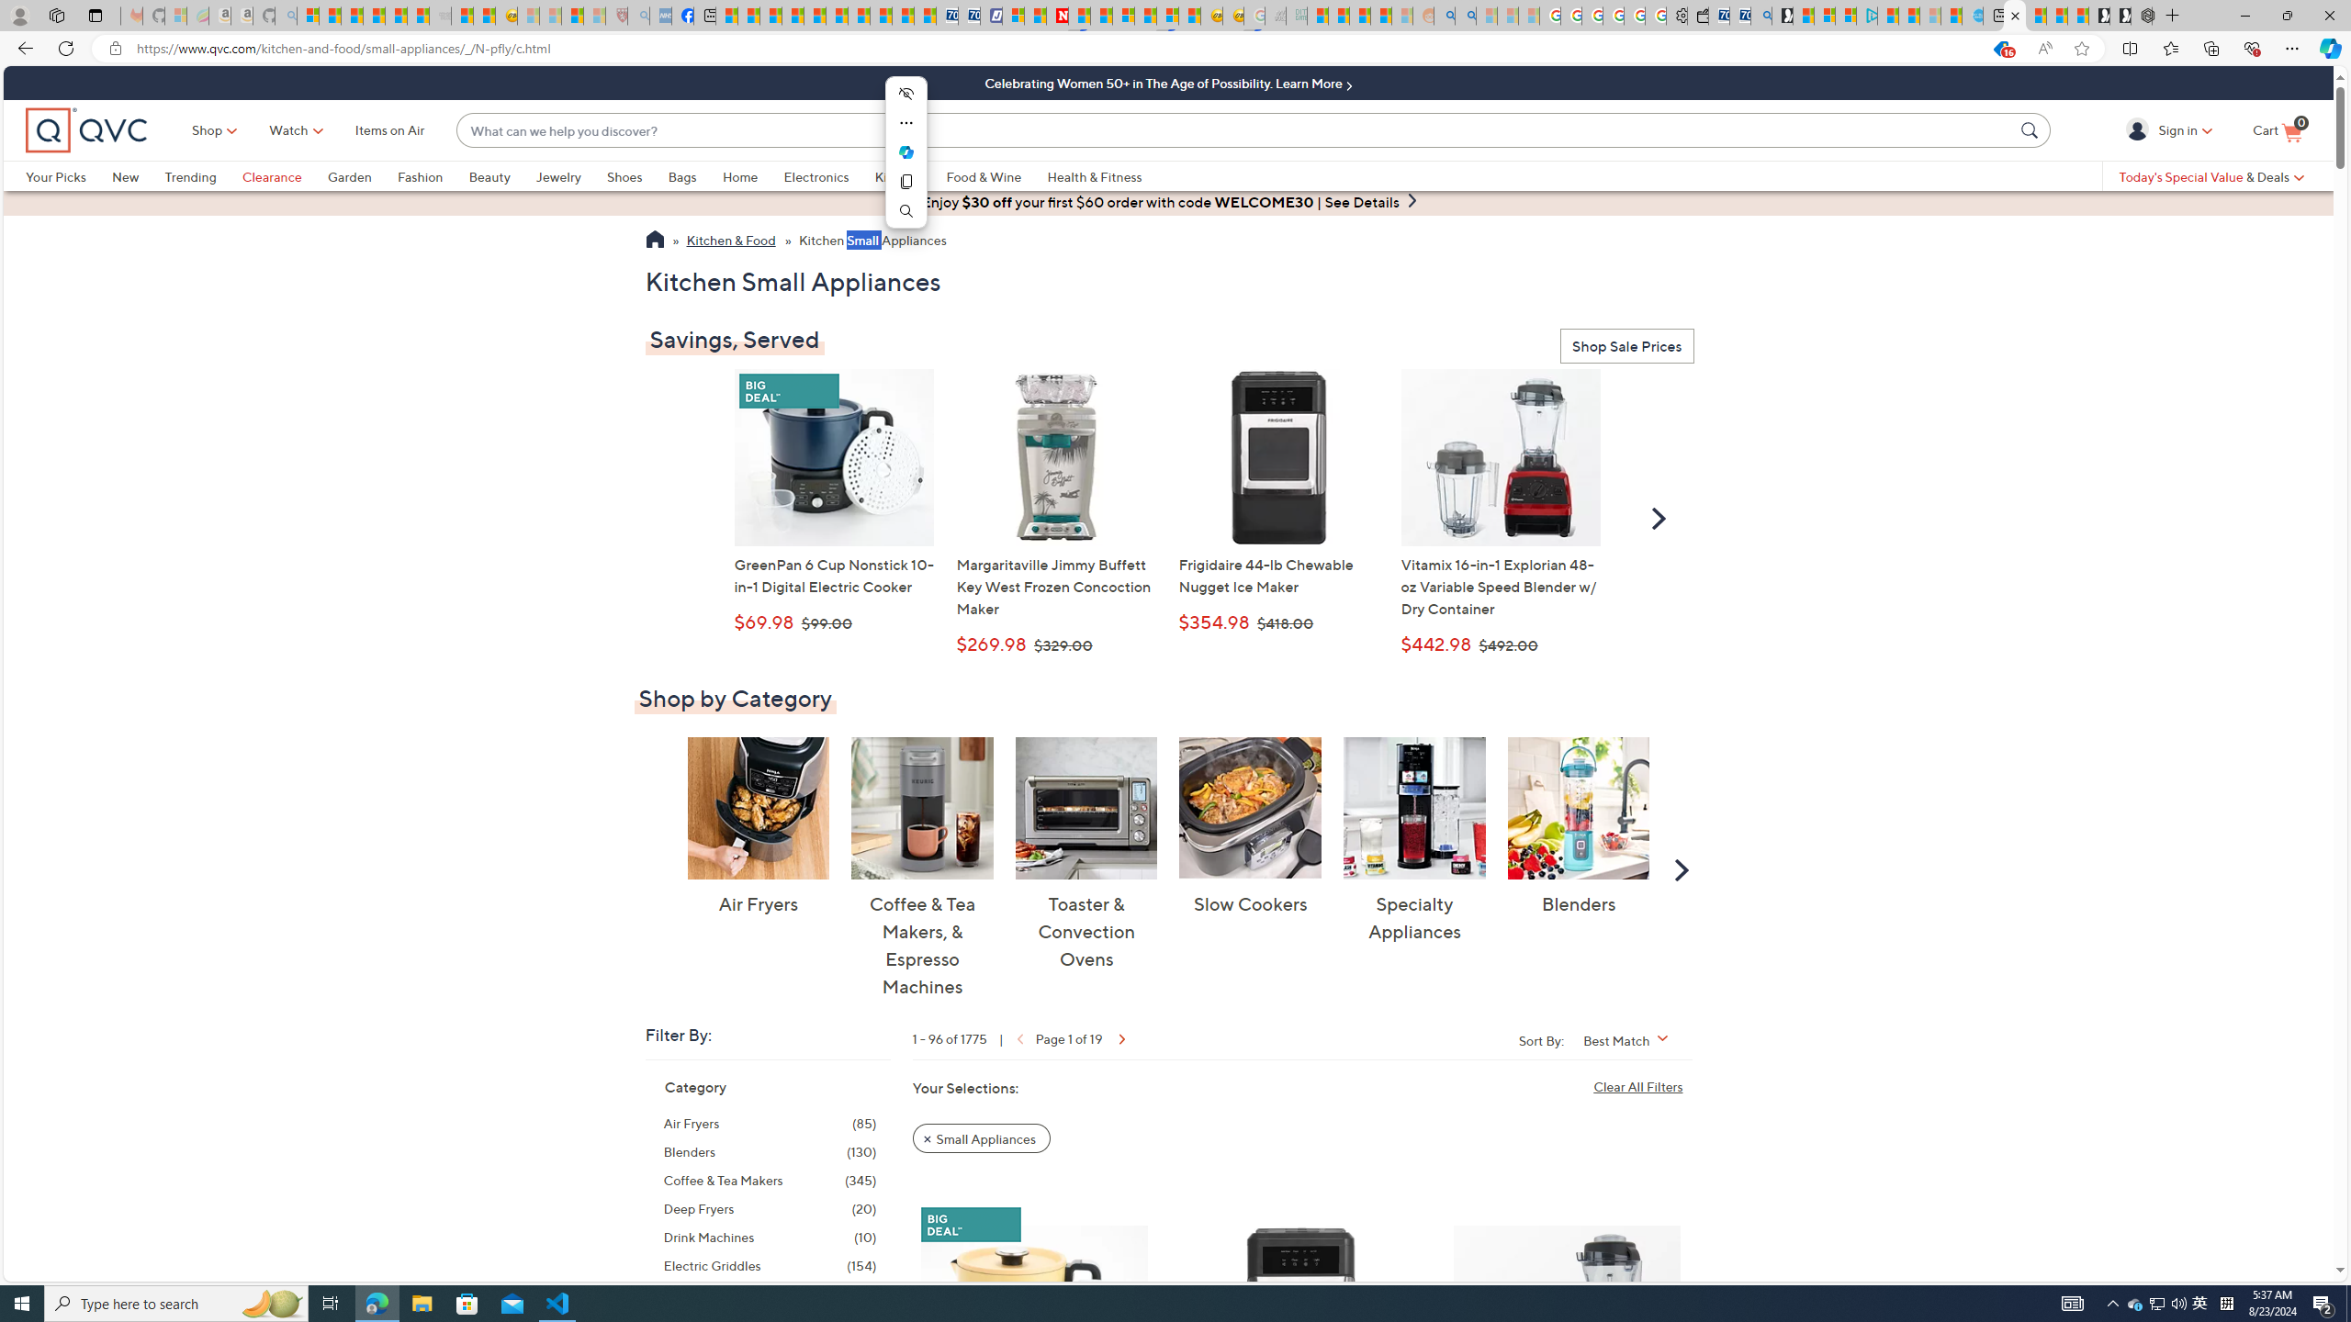  What do you see at coordinates (769, 1123) in the screenshot?
I see `'Air Fryers, 85 items'` at bounding box center [769, 1123].